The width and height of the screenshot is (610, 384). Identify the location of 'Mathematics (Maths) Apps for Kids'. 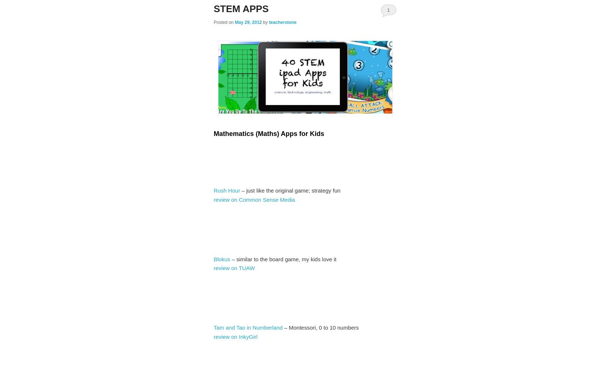
(213, 133).